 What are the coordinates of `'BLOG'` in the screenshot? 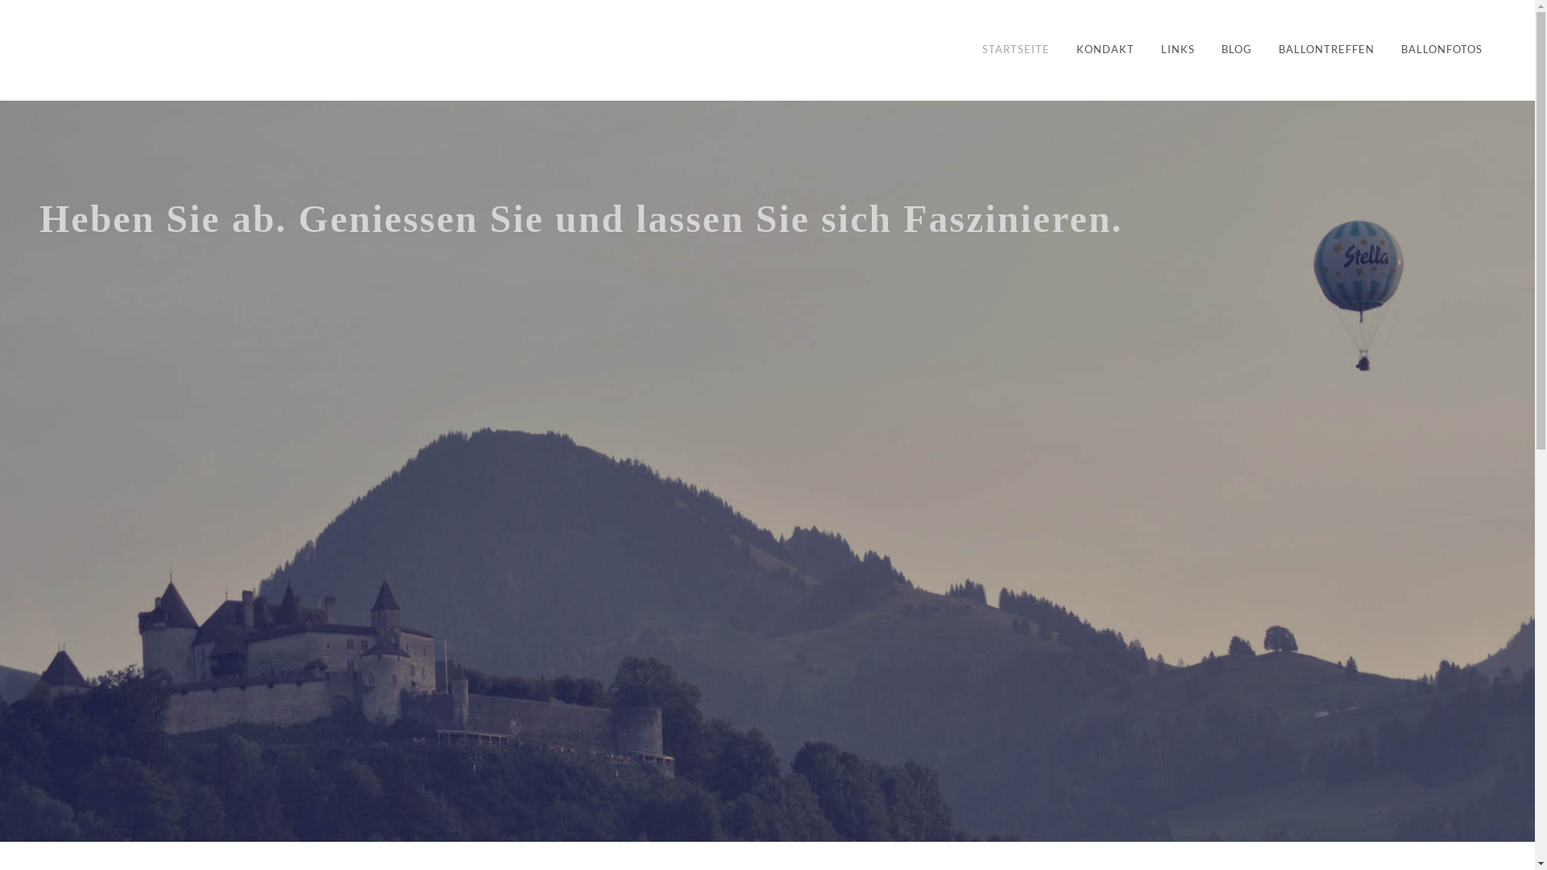 It's located at (1236, 49).